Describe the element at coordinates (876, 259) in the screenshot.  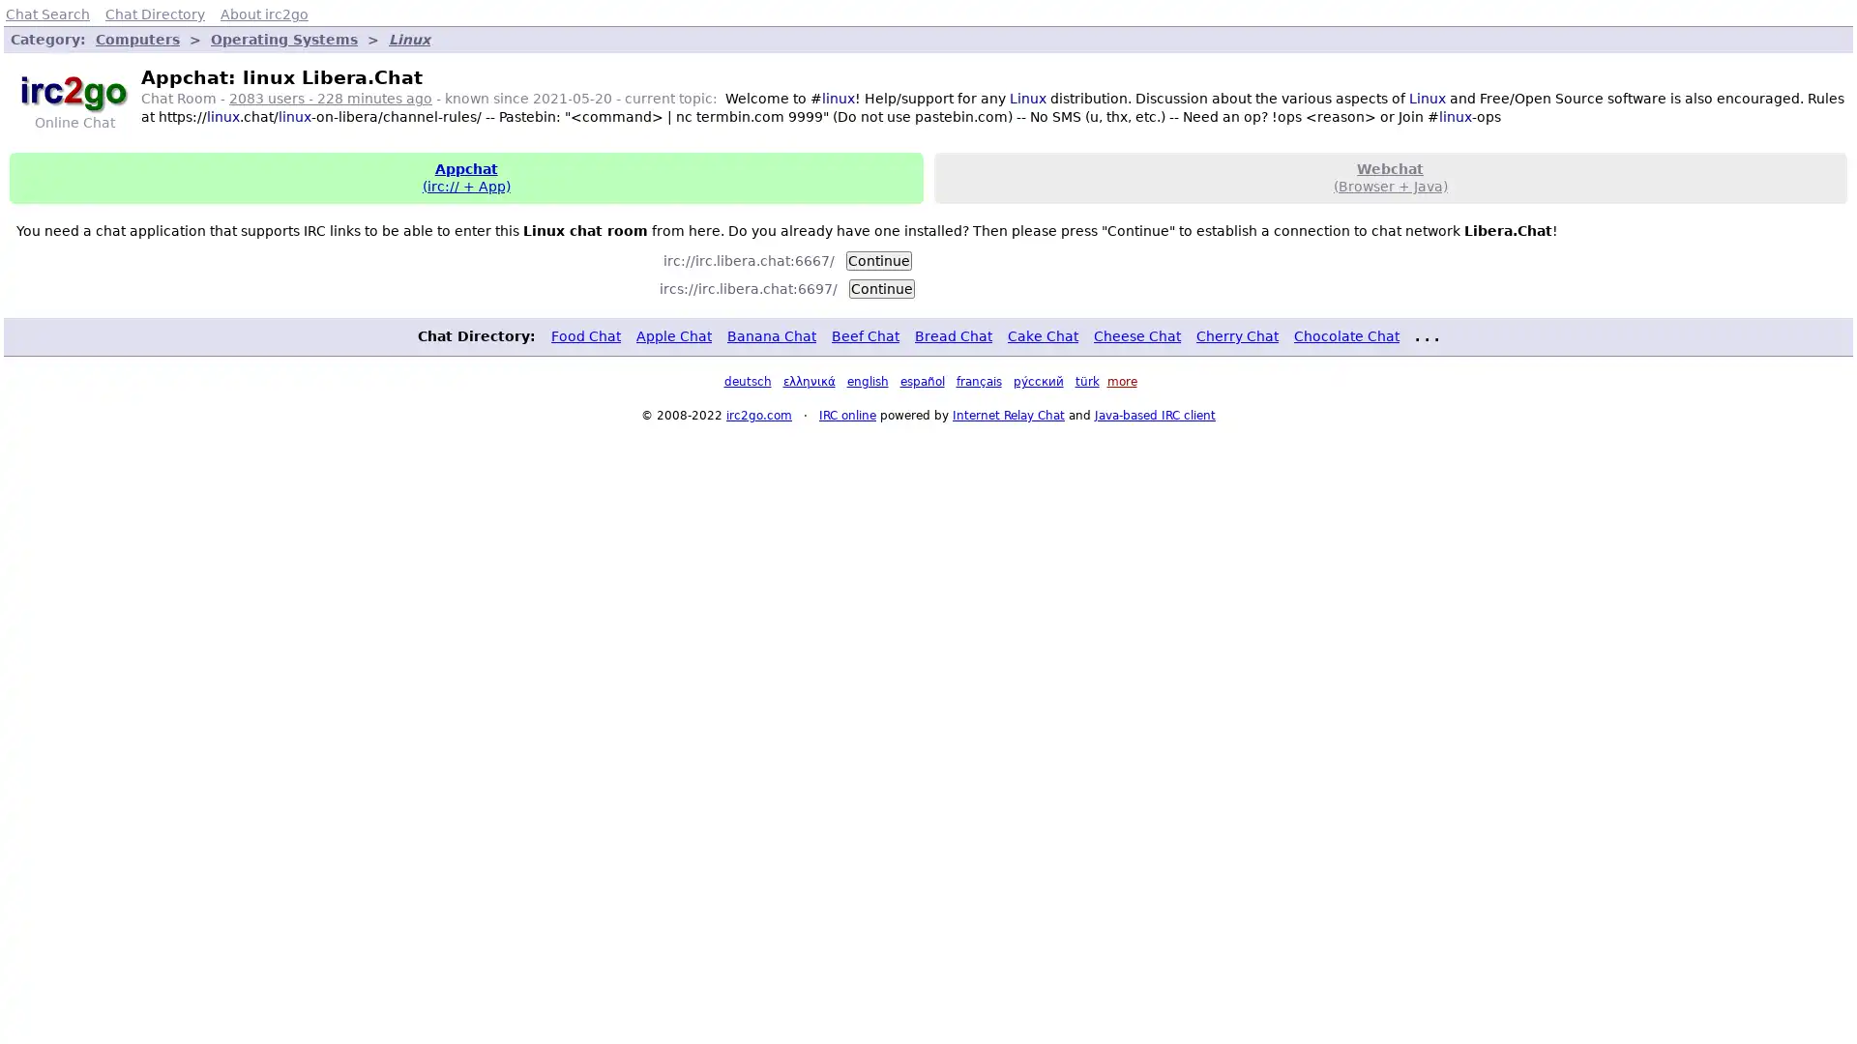
I see `Continue` at that location.